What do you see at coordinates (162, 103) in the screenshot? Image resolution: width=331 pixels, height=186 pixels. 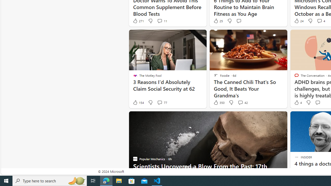 I see `'View comments 77 Comment'` at bounding box center [162, 103].